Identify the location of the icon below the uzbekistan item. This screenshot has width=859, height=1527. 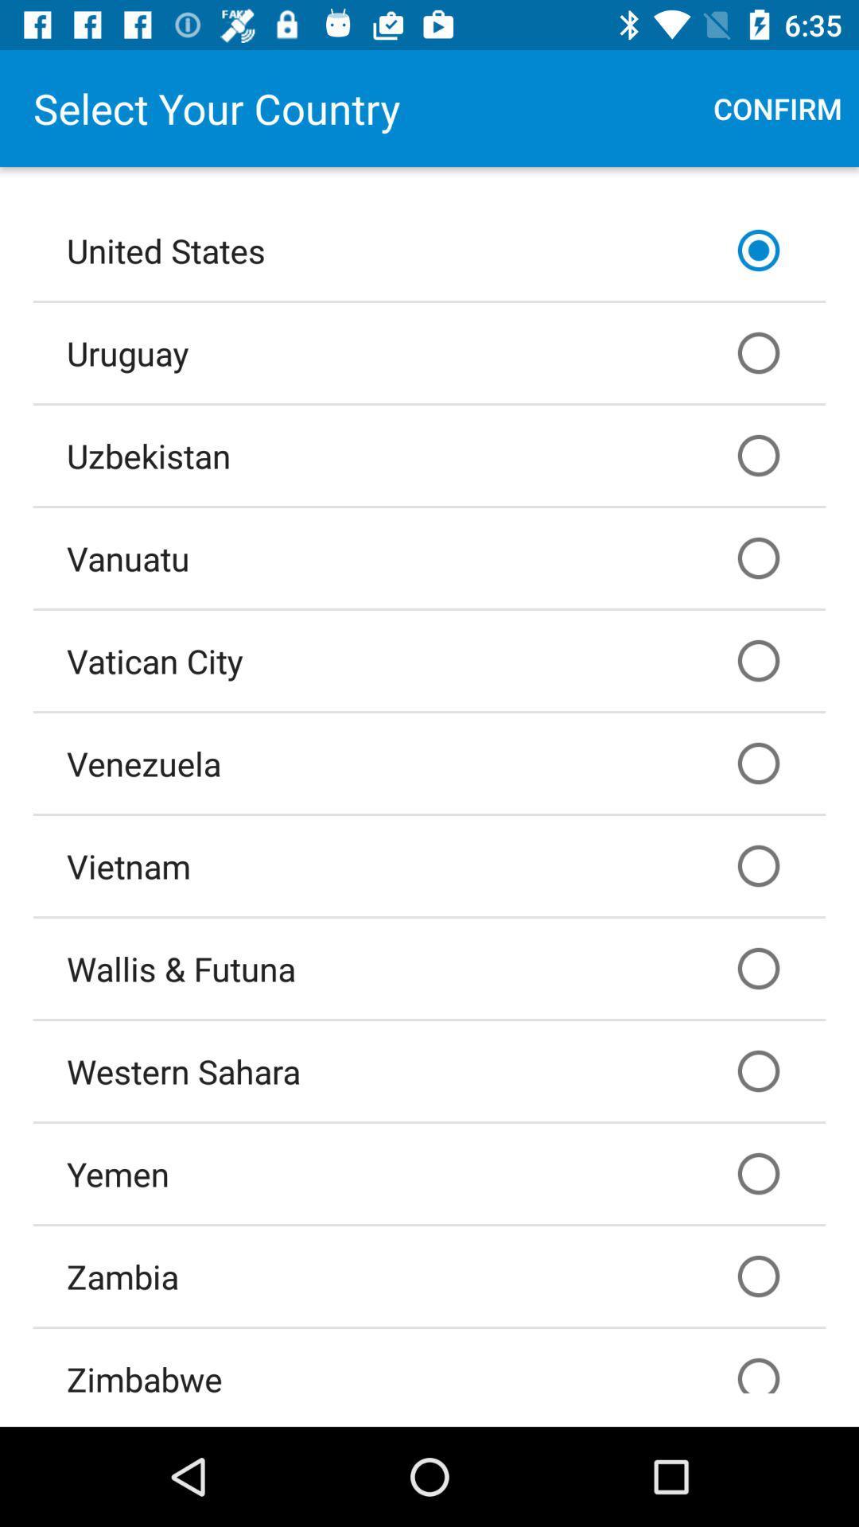
(429, 558).